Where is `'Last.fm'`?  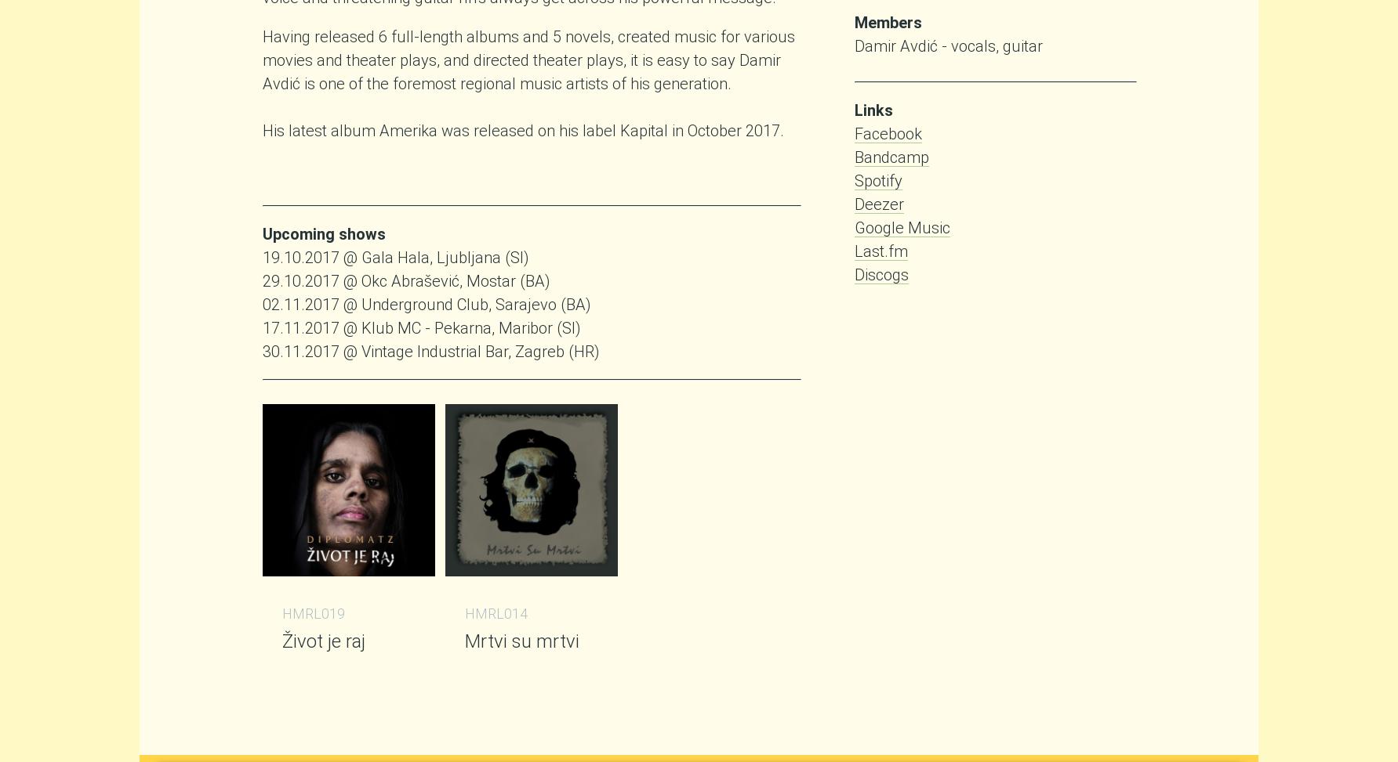
'Last.fm' is located at coordinates (854, 251).